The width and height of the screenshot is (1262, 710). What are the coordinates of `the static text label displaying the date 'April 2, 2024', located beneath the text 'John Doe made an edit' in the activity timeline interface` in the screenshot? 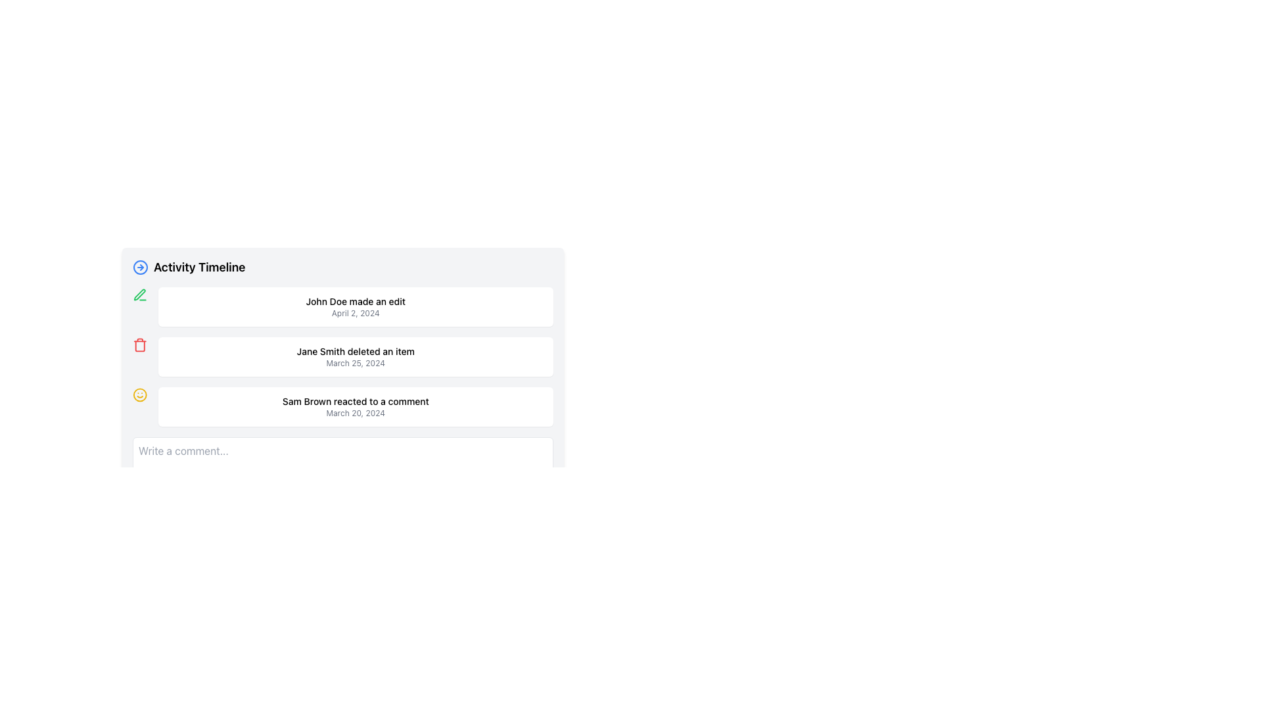 It's located at (356, 314).